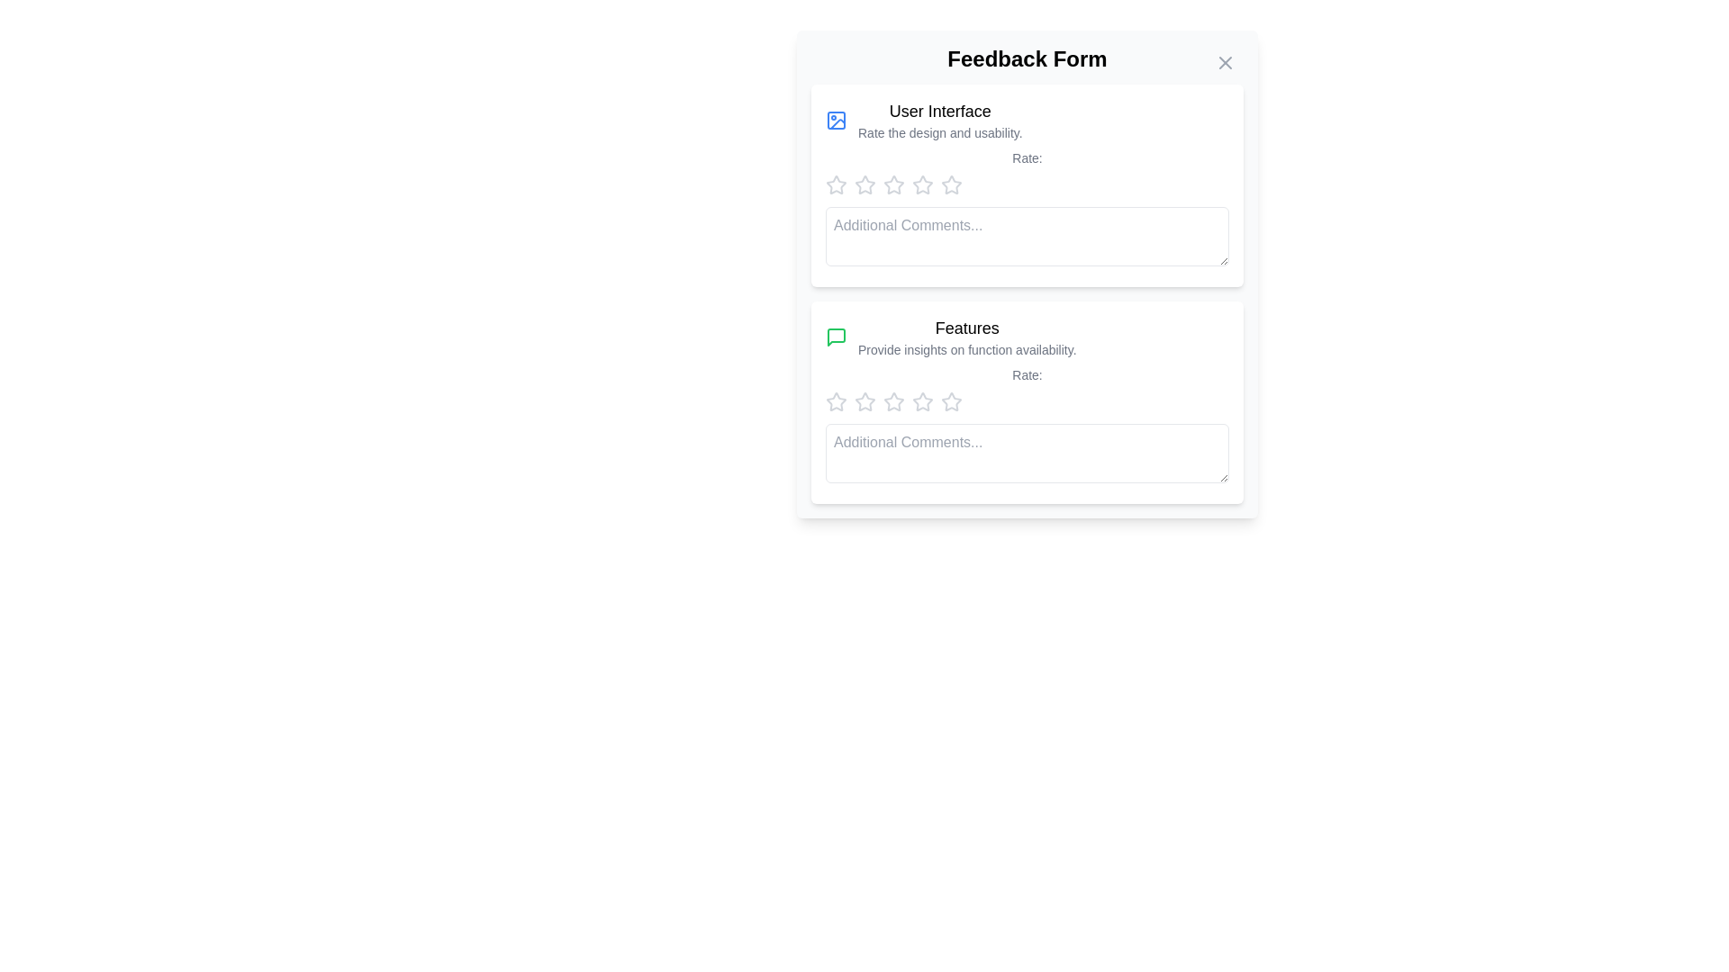  What do you see at coordinates (836, 337) in the screenshot?
I see `the message bubble icon with a green outline located in the top-left corner of the 'Features' feedback section` at bounding box center [836, 337].